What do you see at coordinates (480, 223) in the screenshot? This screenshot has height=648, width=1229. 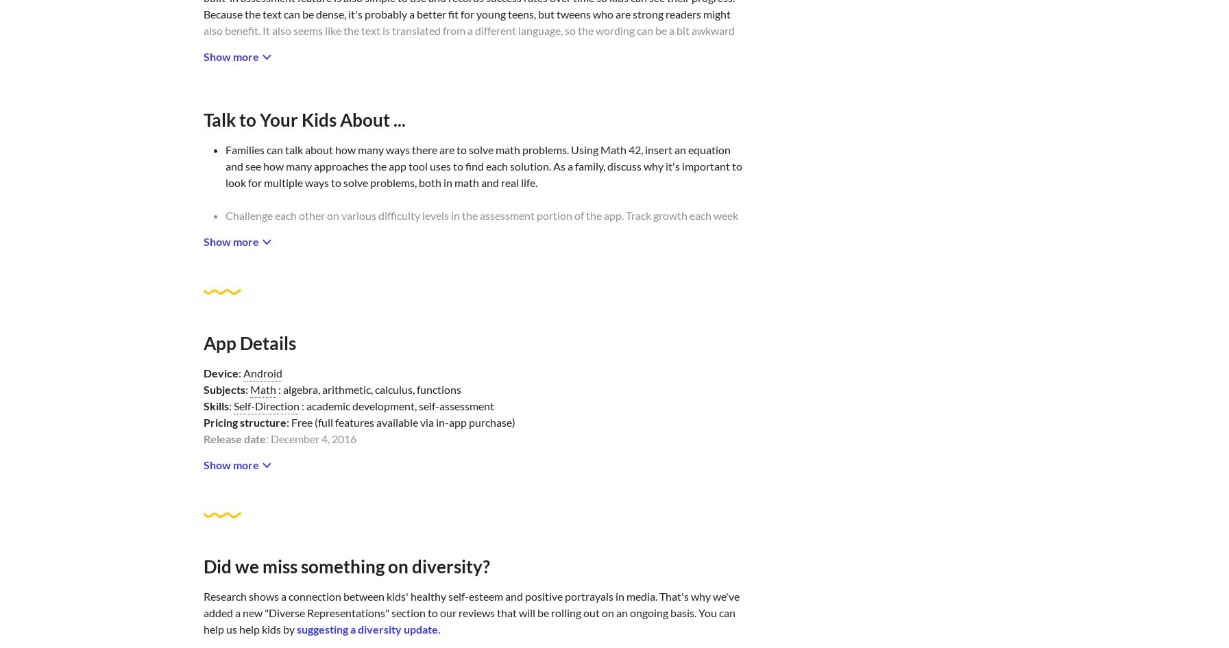 I see `'Challenge each other on various difficulty levels in the assessment portion of the app. Track growth each week to see how each family member improves over time.'` at bounding box center [480, 223].